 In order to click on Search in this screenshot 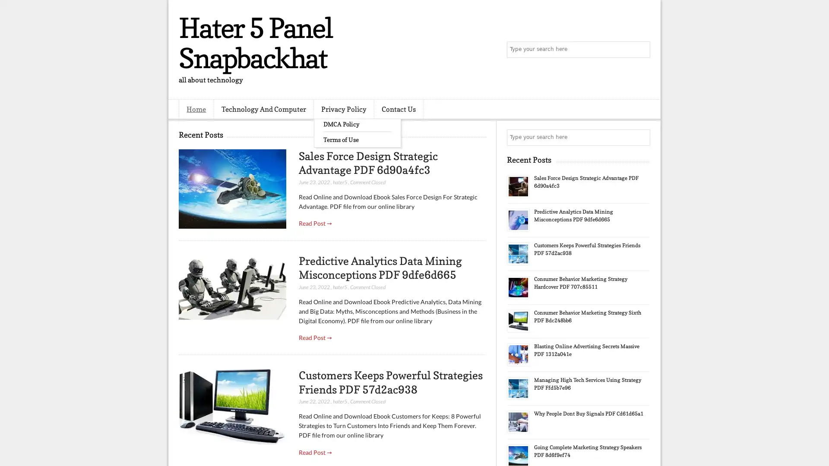, I will do `click(641, 50)`.